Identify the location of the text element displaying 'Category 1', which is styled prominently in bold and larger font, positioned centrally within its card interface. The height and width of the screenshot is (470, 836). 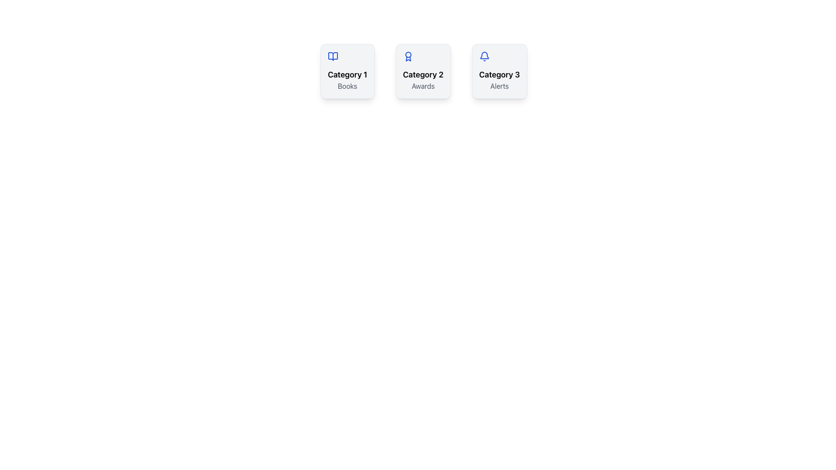
(347, 74).